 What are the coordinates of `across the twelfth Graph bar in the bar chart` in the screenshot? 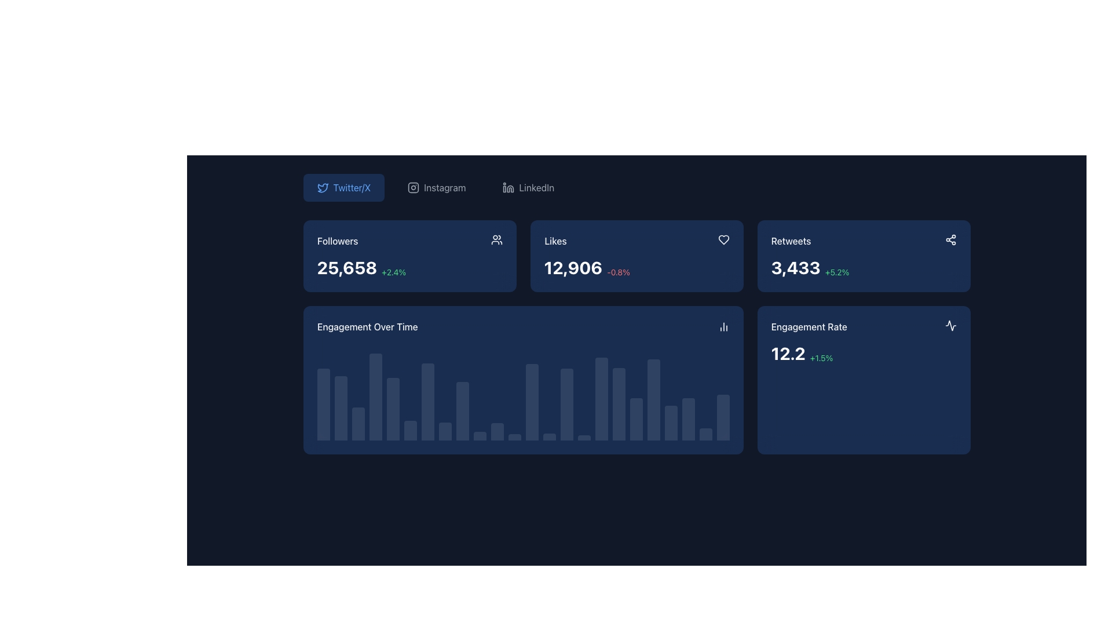 It's located at (514, 437).